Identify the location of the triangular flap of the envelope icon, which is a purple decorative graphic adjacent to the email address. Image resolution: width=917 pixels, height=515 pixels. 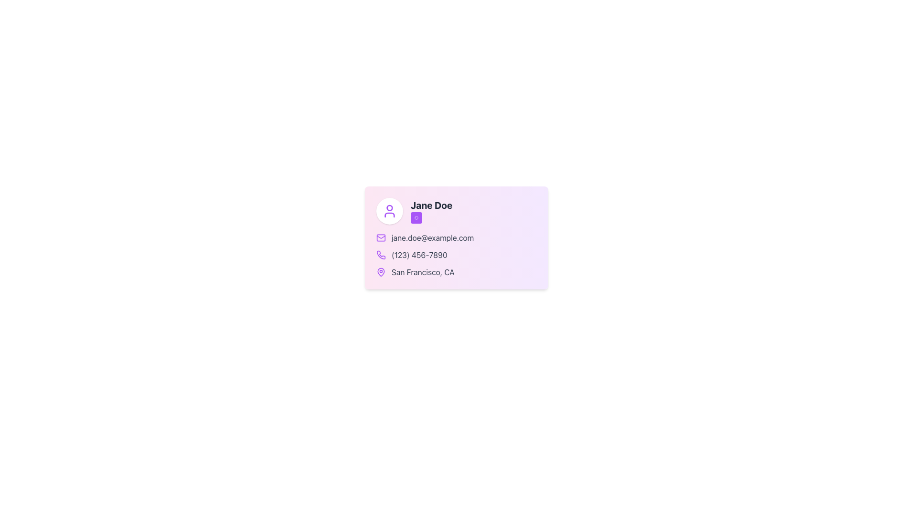
(380, 237).